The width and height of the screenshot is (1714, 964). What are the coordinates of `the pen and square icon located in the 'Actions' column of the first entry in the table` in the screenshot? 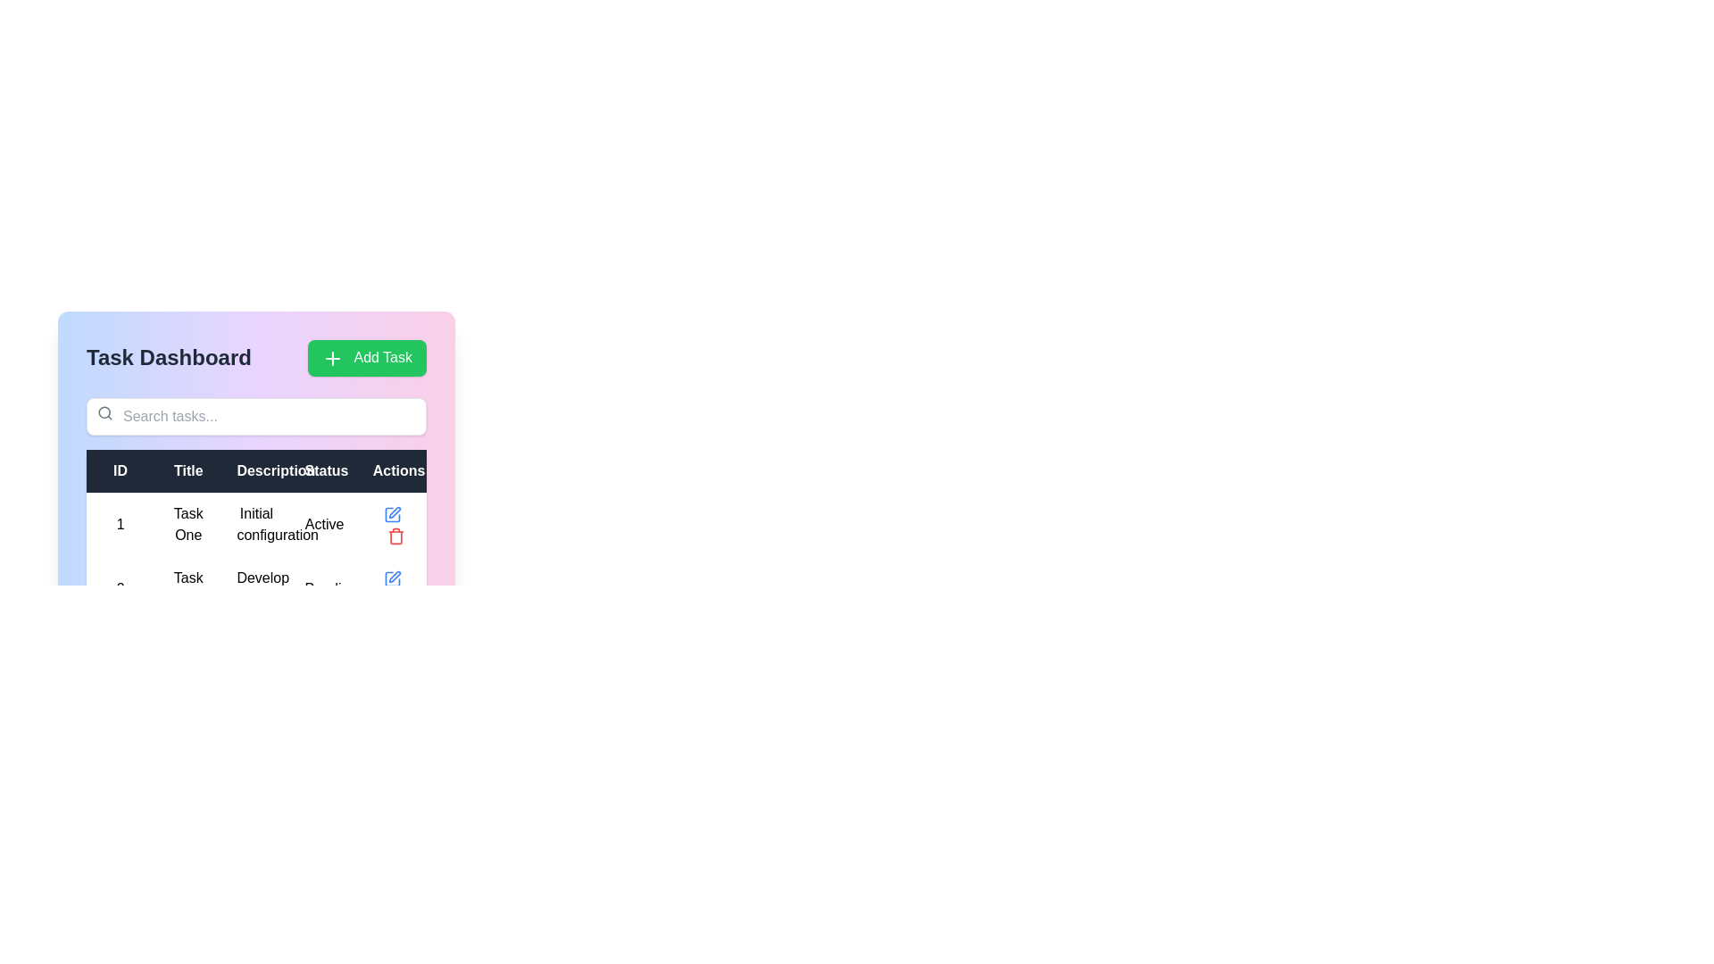 It's located at (394, 577).